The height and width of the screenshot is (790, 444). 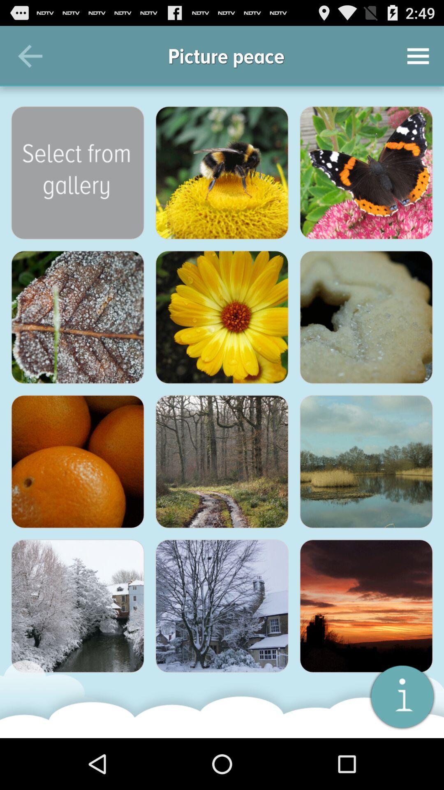 I want to click on a category option, so click(x=78, y=317).